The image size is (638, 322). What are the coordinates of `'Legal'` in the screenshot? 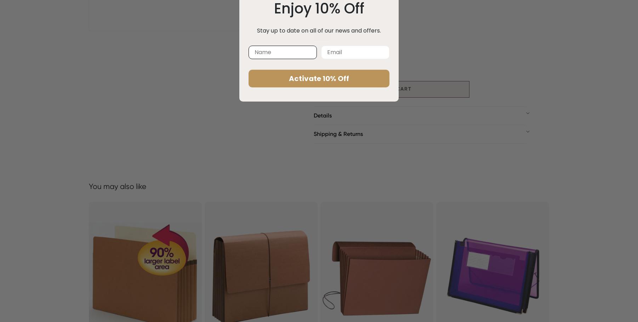 It's located at (362, 6).